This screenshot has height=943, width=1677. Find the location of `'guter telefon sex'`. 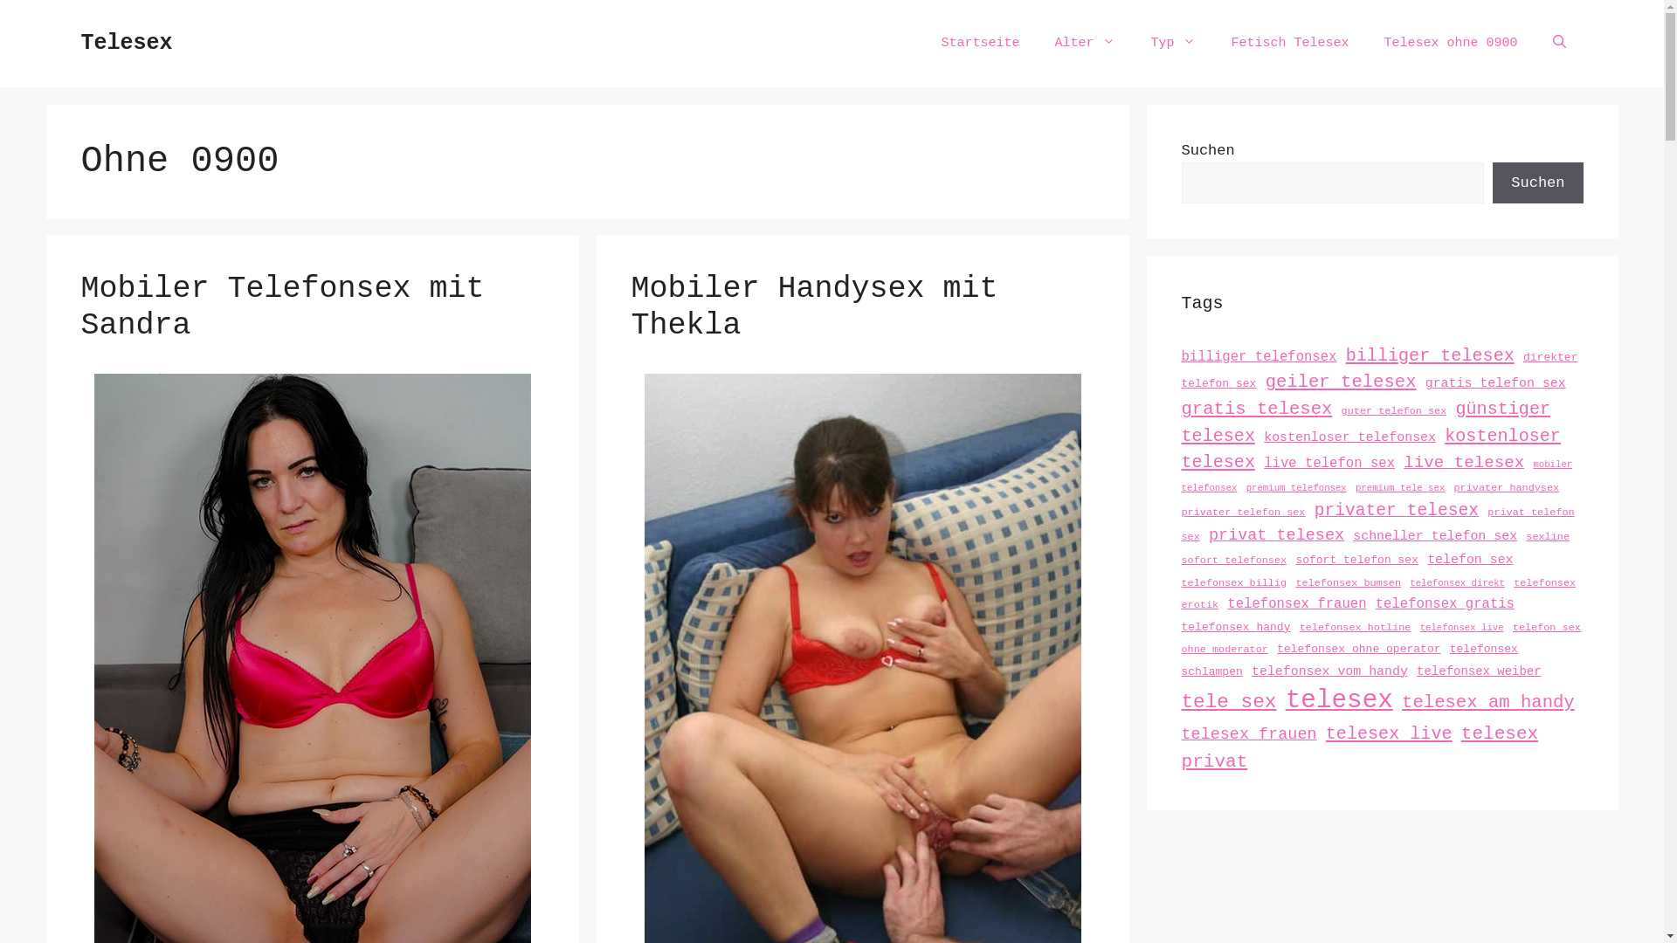

'guter telefon sex' is located at coordinates (1393, 410).